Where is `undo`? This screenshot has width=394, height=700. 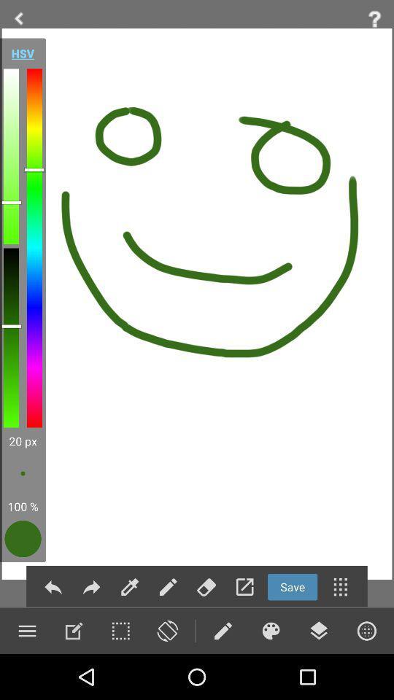
undo is located at coordinates (53, 587).